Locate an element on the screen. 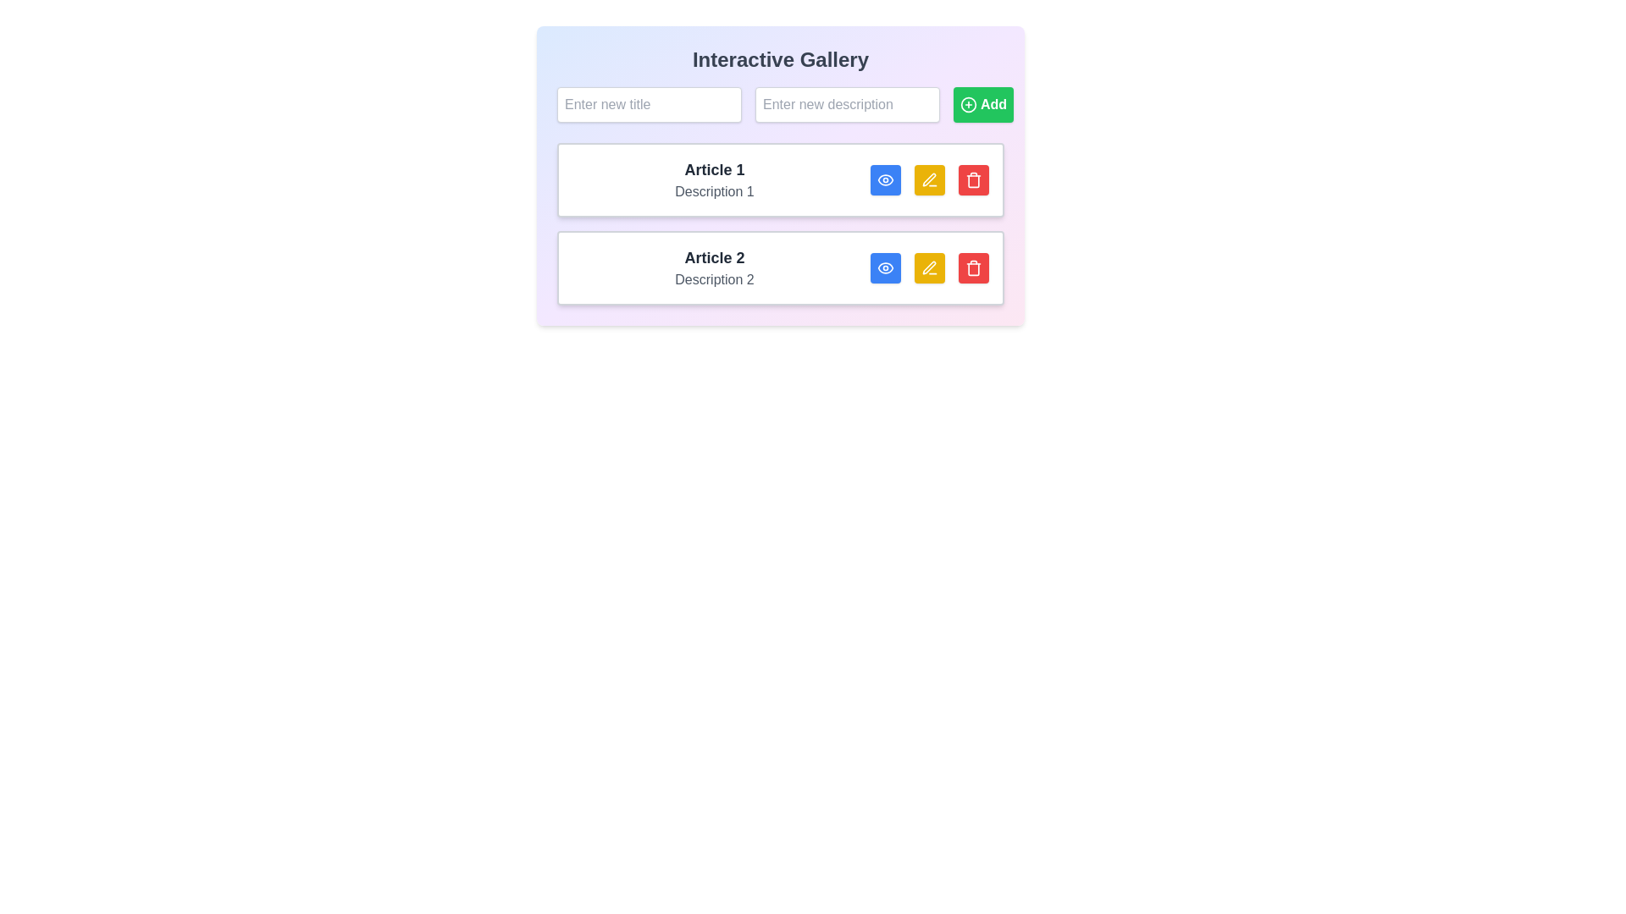  the text block displaying 'Article 1' and 'Description 1' is located at coordinates (715, 179).